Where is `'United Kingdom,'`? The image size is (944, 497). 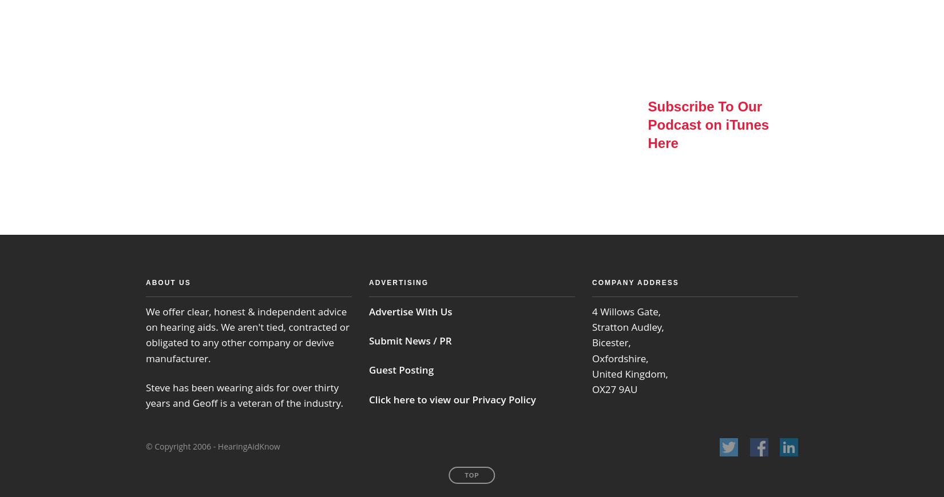 'United Kingdom,' is located at coordinates (630, 372).